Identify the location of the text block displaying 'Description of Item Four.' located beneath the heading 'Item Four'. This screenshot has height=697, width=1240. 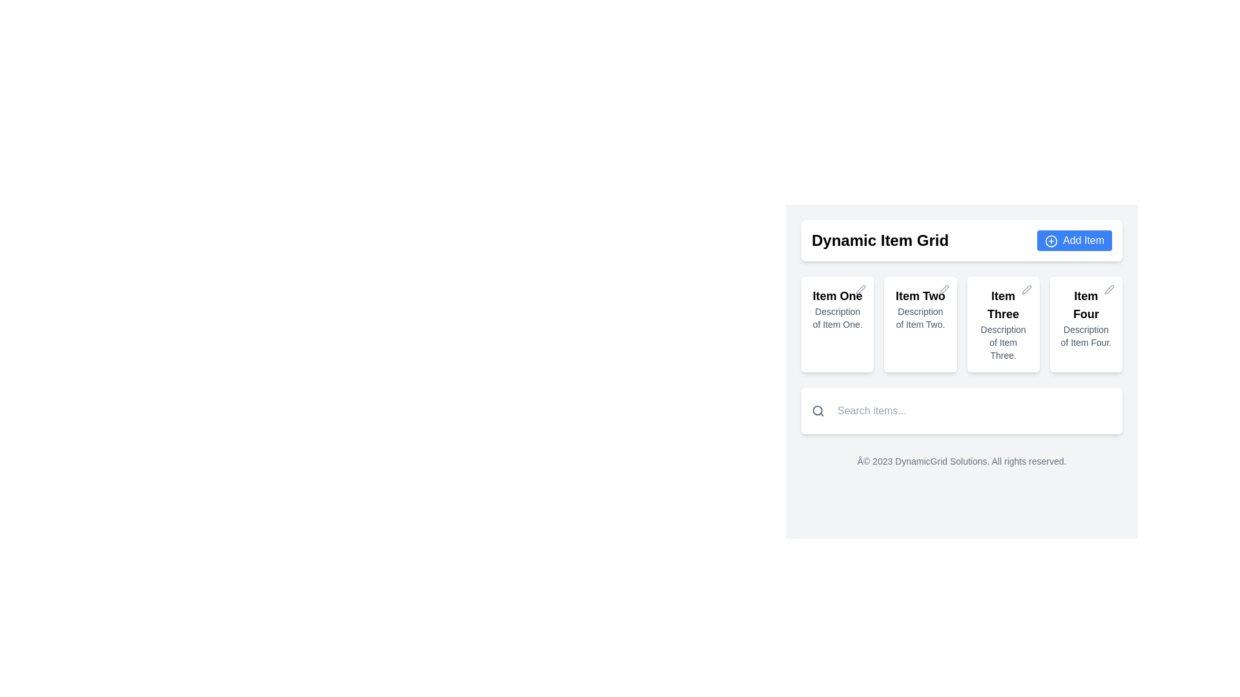
(1085, 335).